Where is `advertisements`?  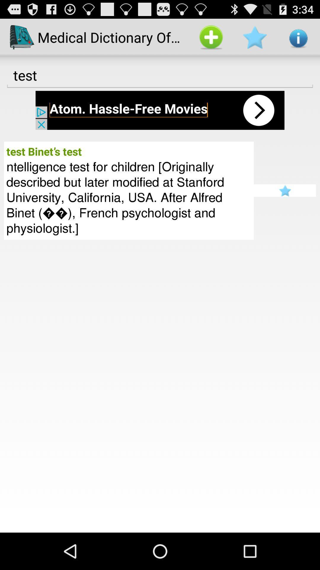 advertisements is located at coordinates (160, 110).